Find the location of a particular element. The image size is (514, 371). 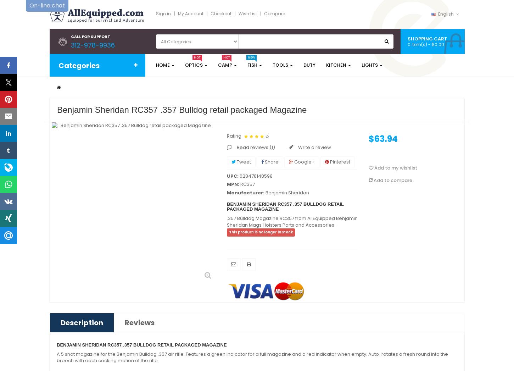

'Tools' is located at coordinates (280, 65).